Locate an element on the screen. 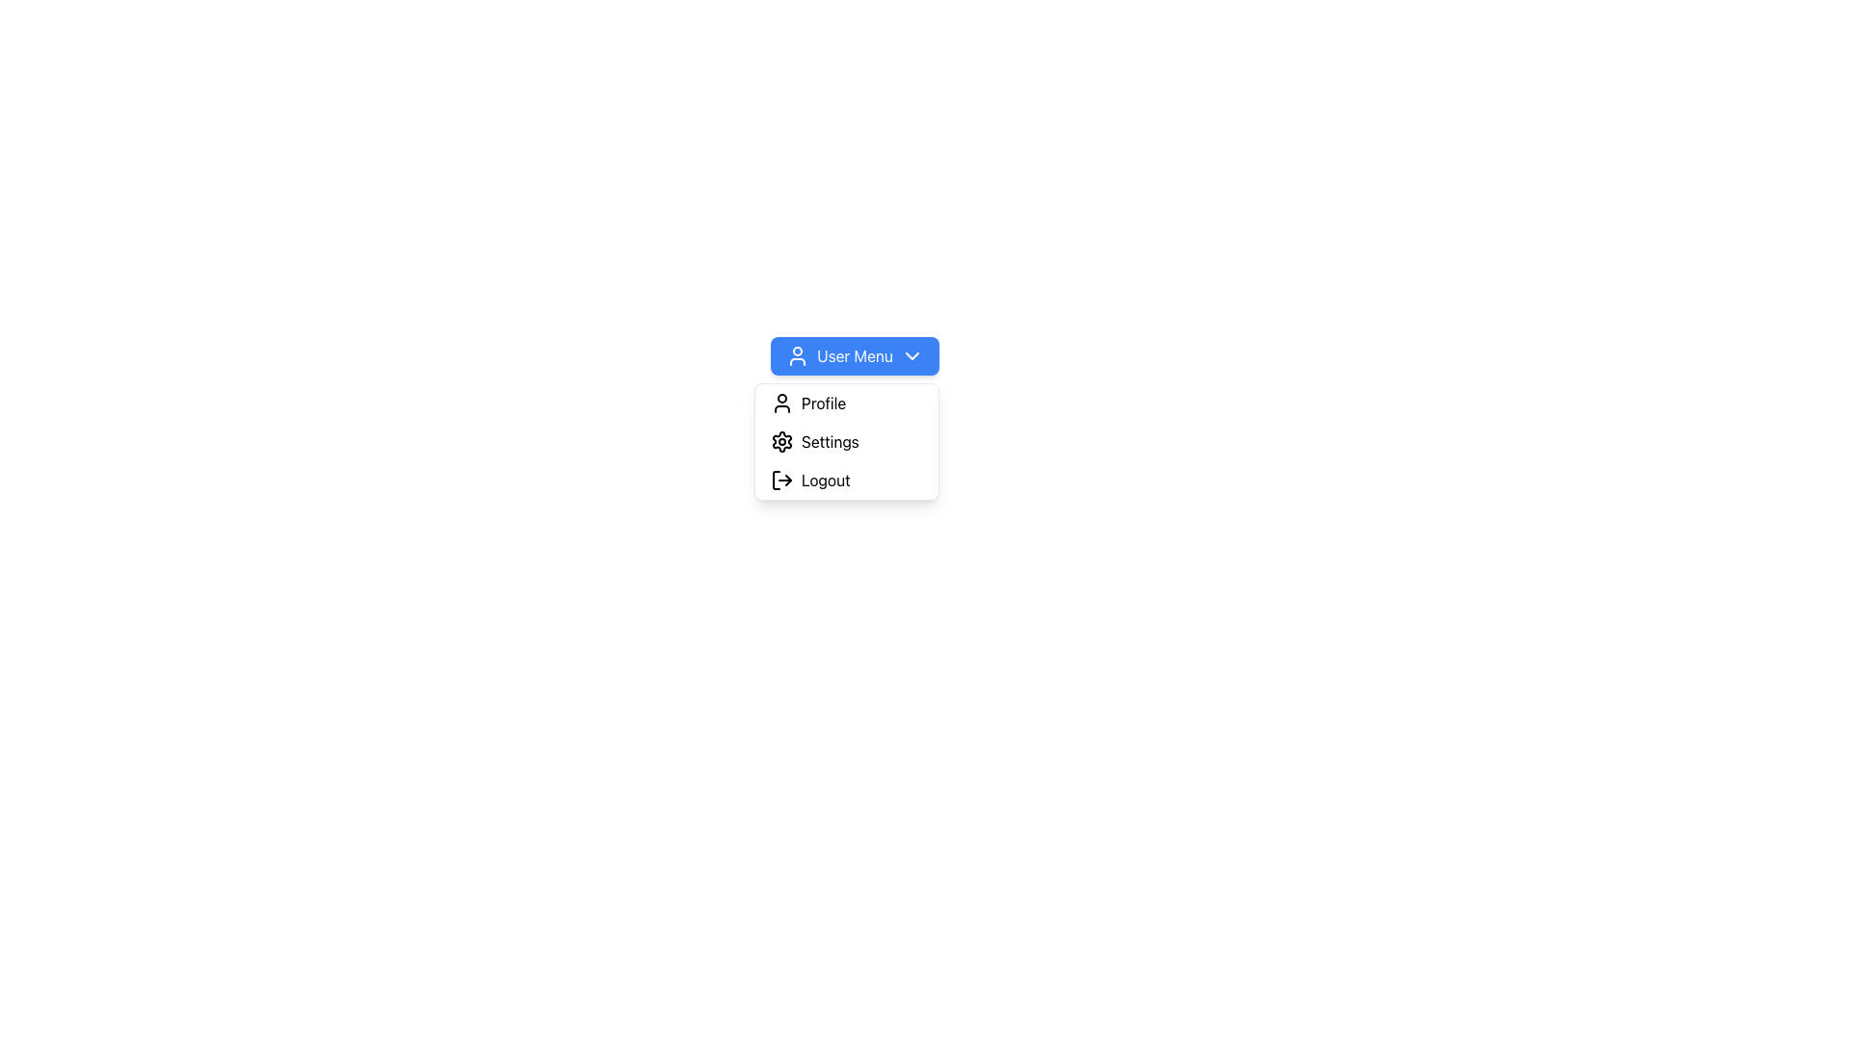 The width and height of the screenshot is (1850, 1040). the gear icon representing the settings functionality, which is located adjacent to the 'Settings' label in the dropdown menu is located at coordinates (781, 442).